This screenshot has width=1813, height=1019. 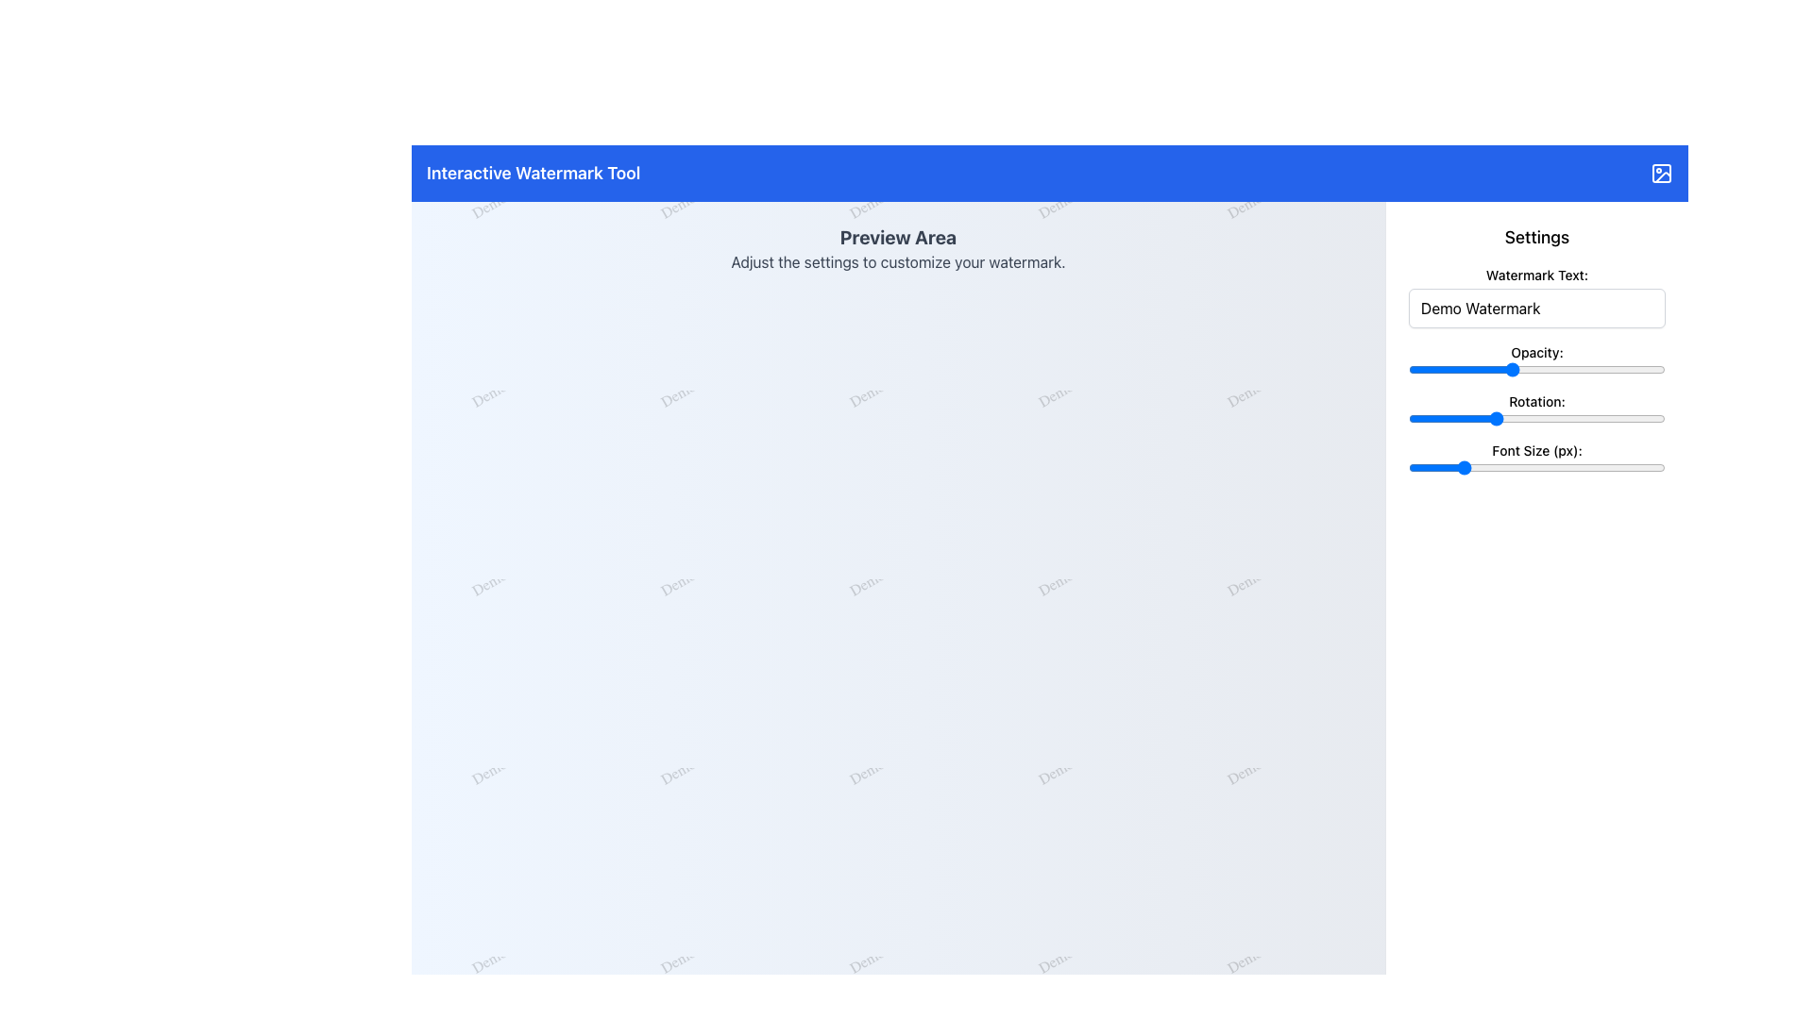 I want to click on the title text located at the top-left of the blue header bar, which indicates the application's purpose, so click(x=533, y=174).